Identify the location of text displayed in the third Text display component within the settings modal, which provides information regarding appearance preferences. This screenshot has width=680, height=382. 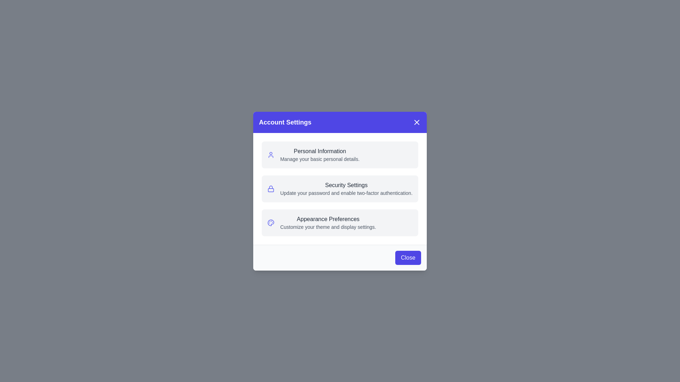
(328, 222).